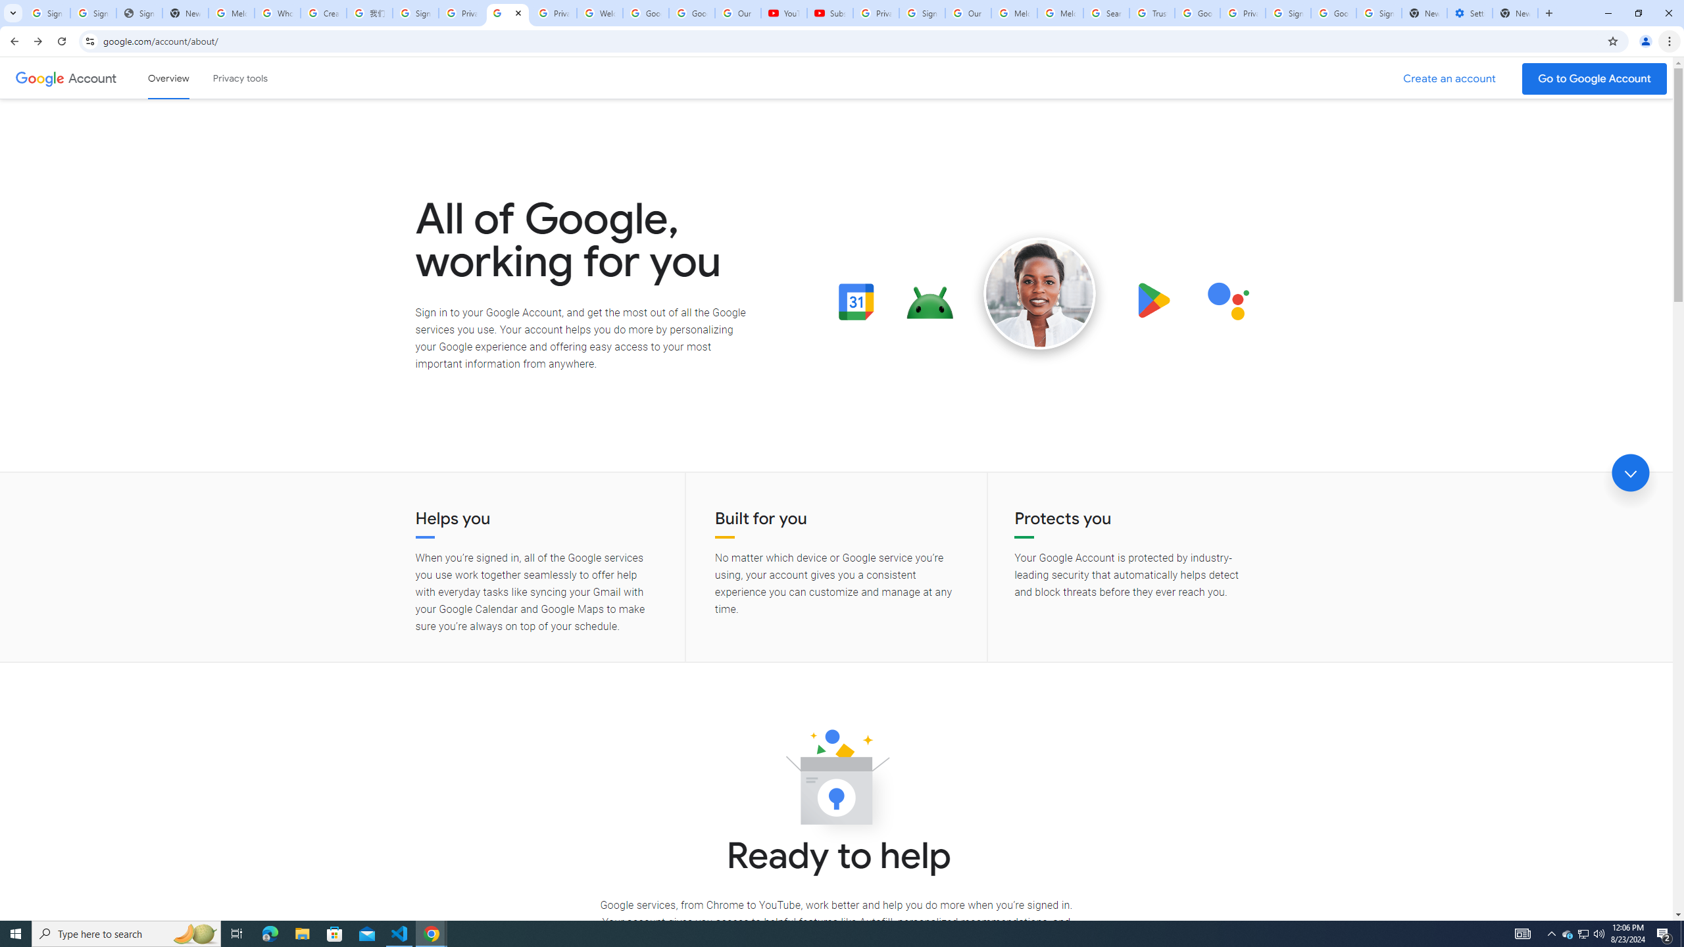 The image size is (1684, 947). What do you see at coordinates (322, 12) in the screenshot?
I see `'Create your Google Account'` at bounding box center [322, 12].